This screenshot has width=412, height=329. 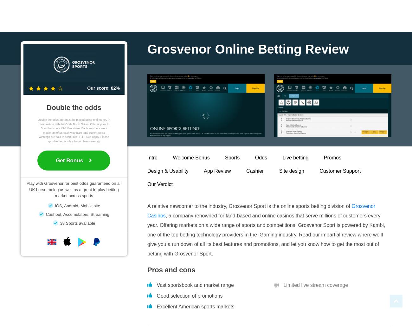 I want to click on 'Our score:', so click(x=87, y=88).